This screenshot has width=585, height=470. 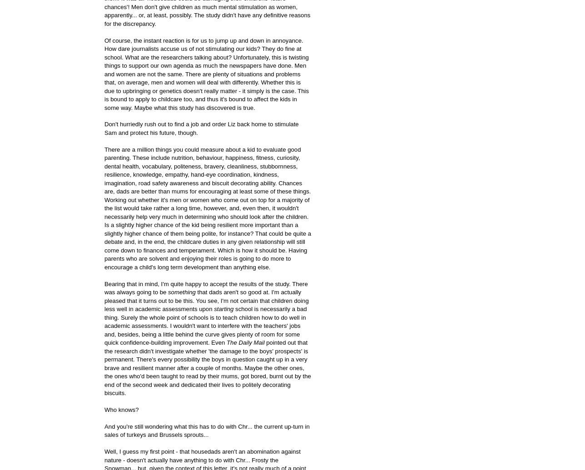 I want to click on 'Don't hurriedly rush out to find a job and order Liz back home to stimulate Sam and protect his future, though.', so click(x=201, y=128).